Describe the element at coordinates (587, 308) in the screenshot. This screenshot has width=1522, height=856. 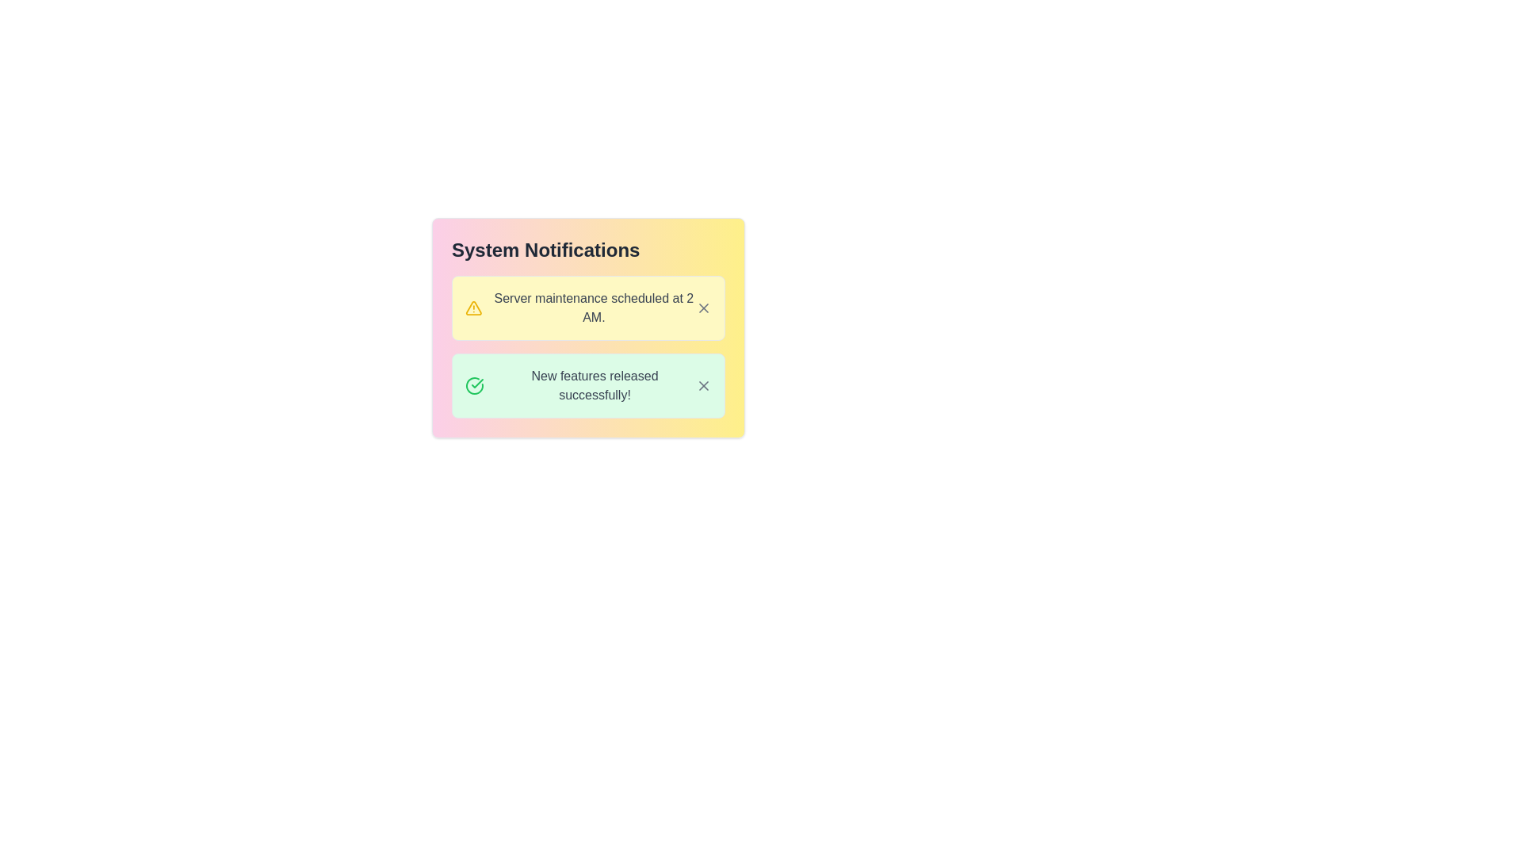
I see `the notification card with a yellow background that states 'Server maintenance scheduled at 2 AM.' by clicking on it` at that location.